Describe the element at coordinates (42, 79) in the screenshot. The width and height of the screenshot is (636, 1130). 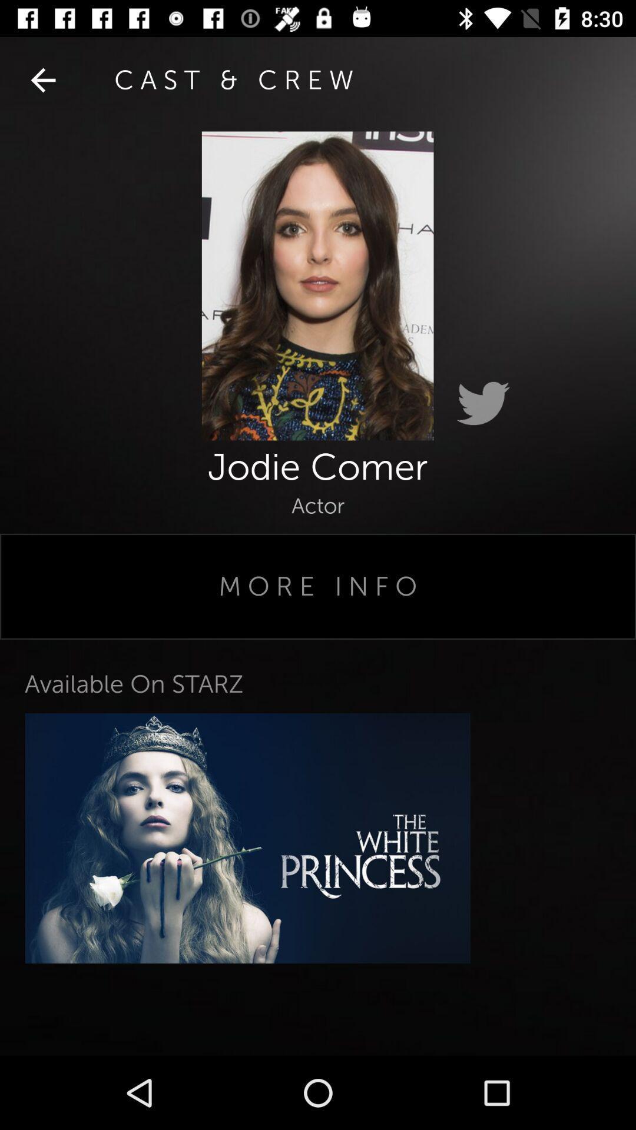
I see `the icon at the top left corner` at that location.